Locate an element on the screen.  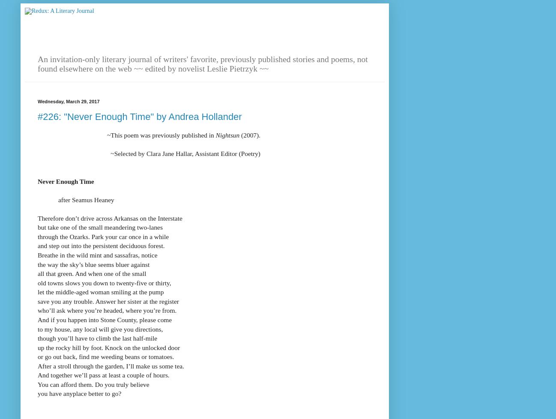
'or go out
back, find me weeding beans or tomatoes.' is located at coordinates (106, 356).